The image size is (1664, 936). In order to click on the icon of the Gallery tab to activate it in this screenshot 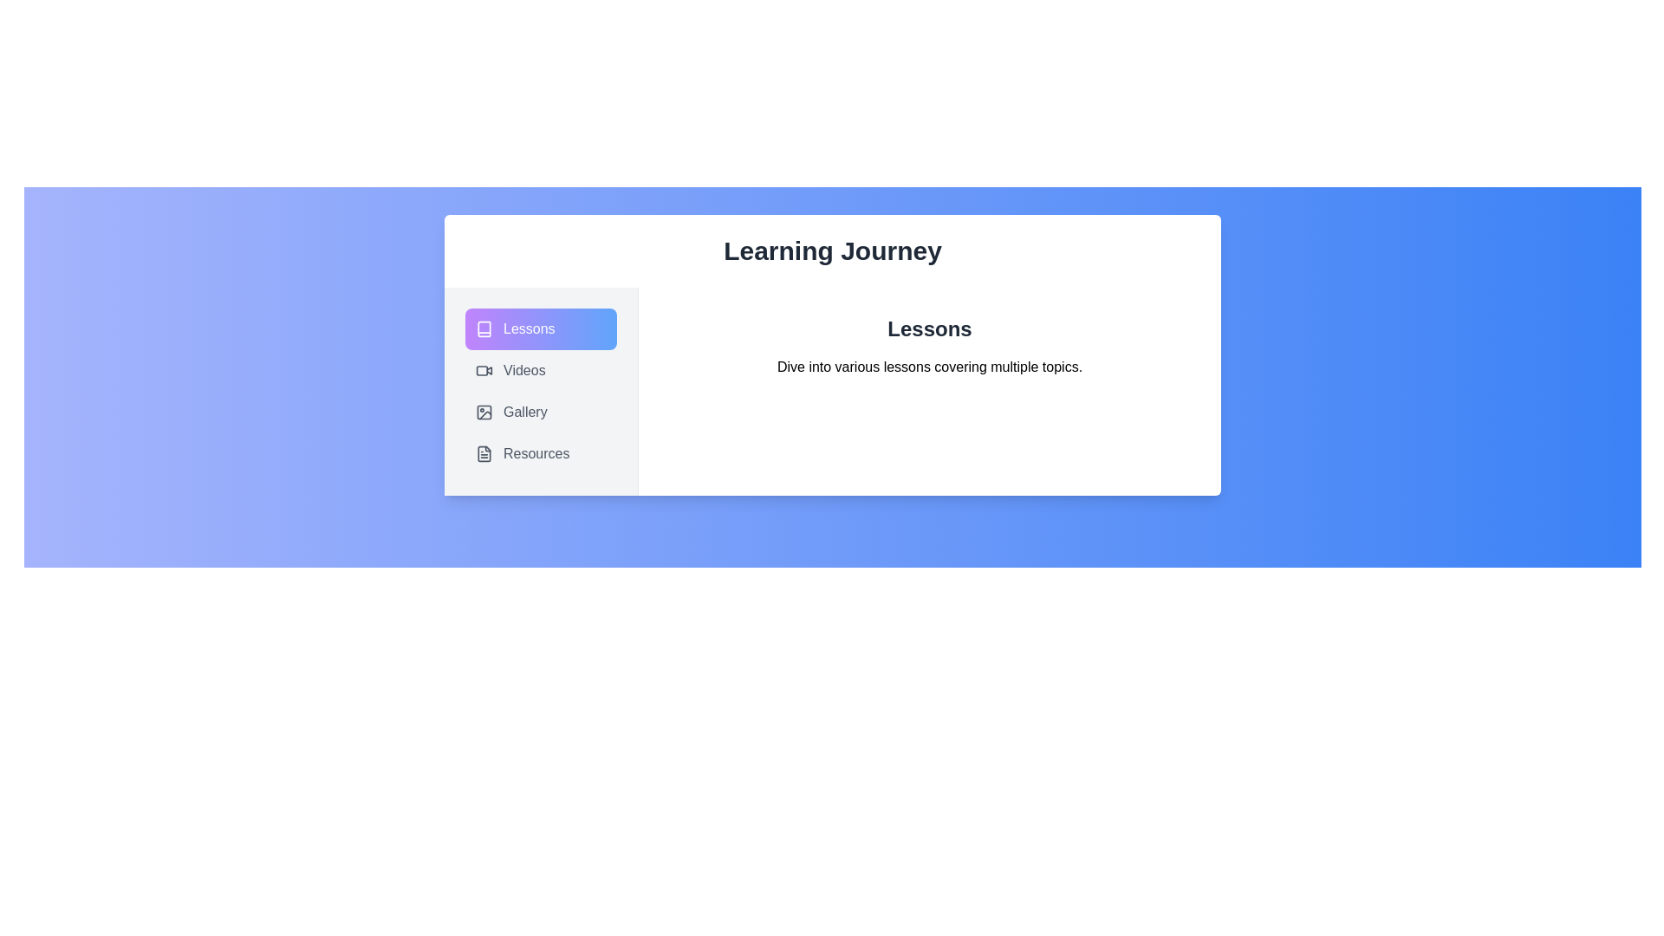, I will do `click(484, 412)`.